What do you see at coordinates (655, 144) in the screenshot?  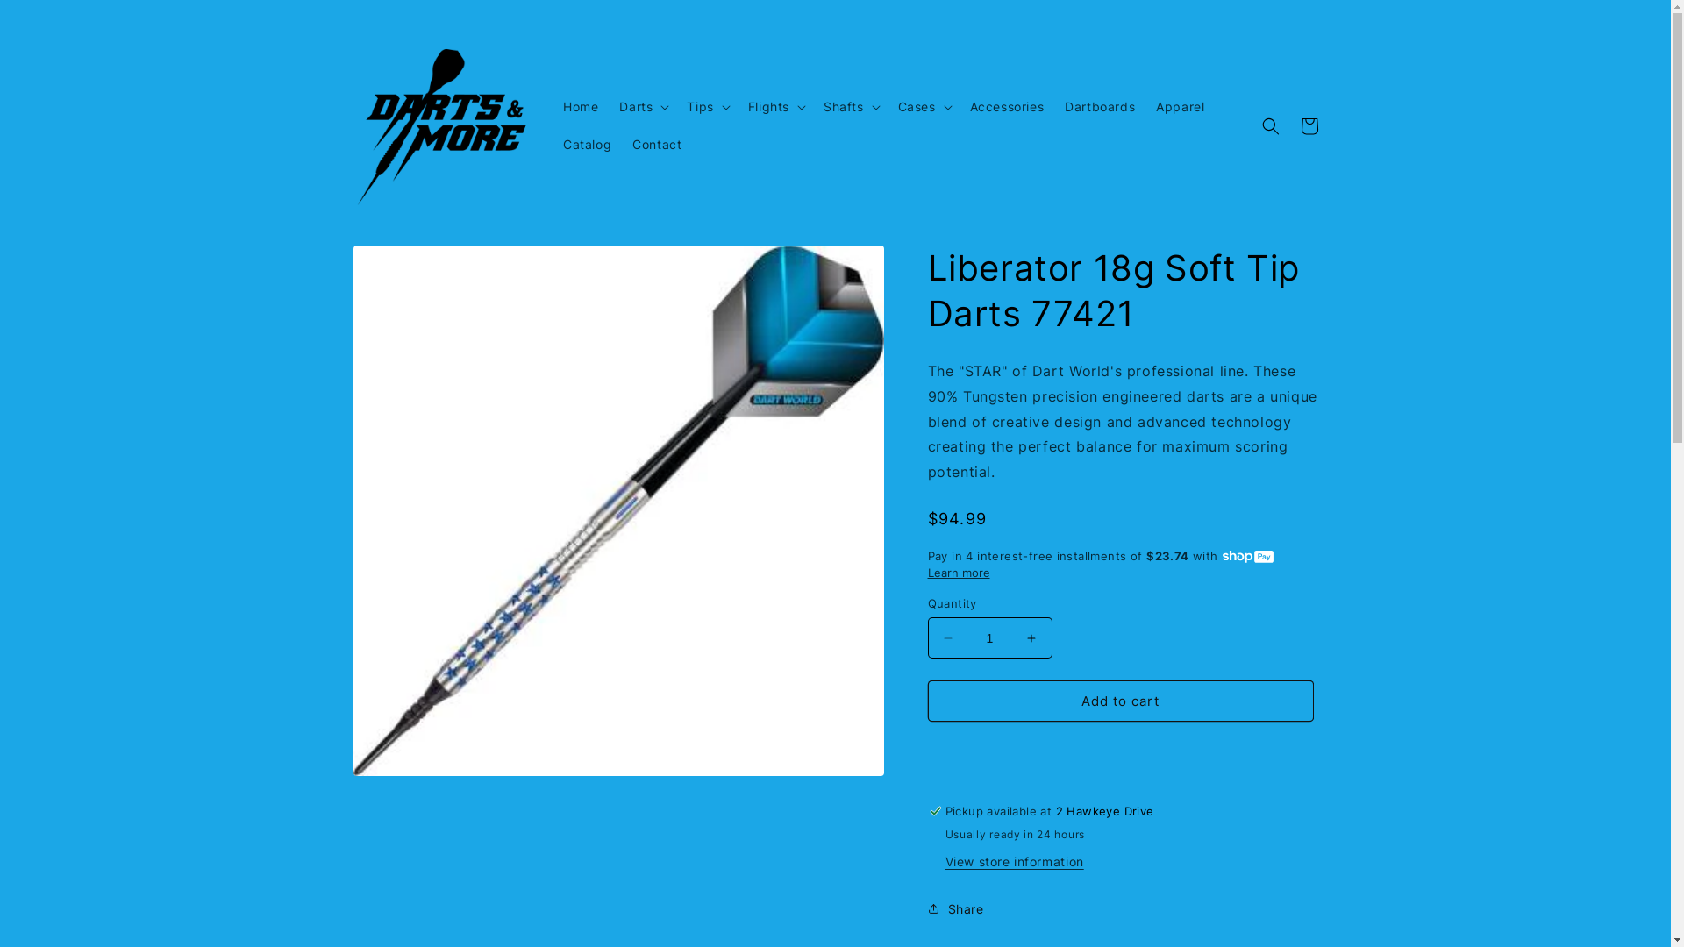 I see `'Contact'` at bounding box center [655, 144].